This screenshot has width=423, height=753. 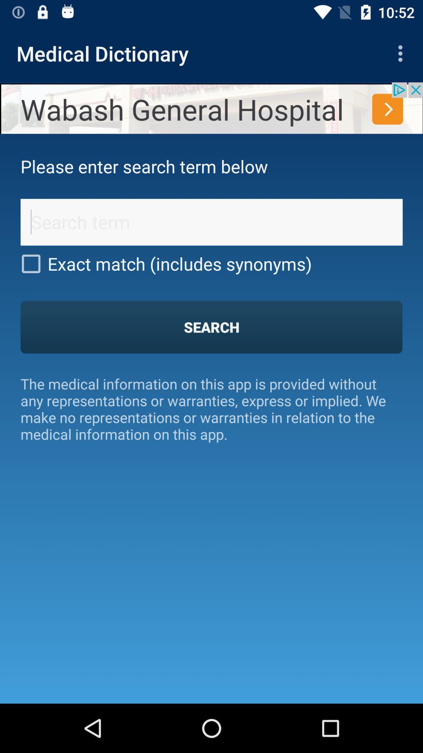 What do you see at coordinates (211, 107) in the screenshot?
I see `click advertisement` at bounding box center [211, 107].